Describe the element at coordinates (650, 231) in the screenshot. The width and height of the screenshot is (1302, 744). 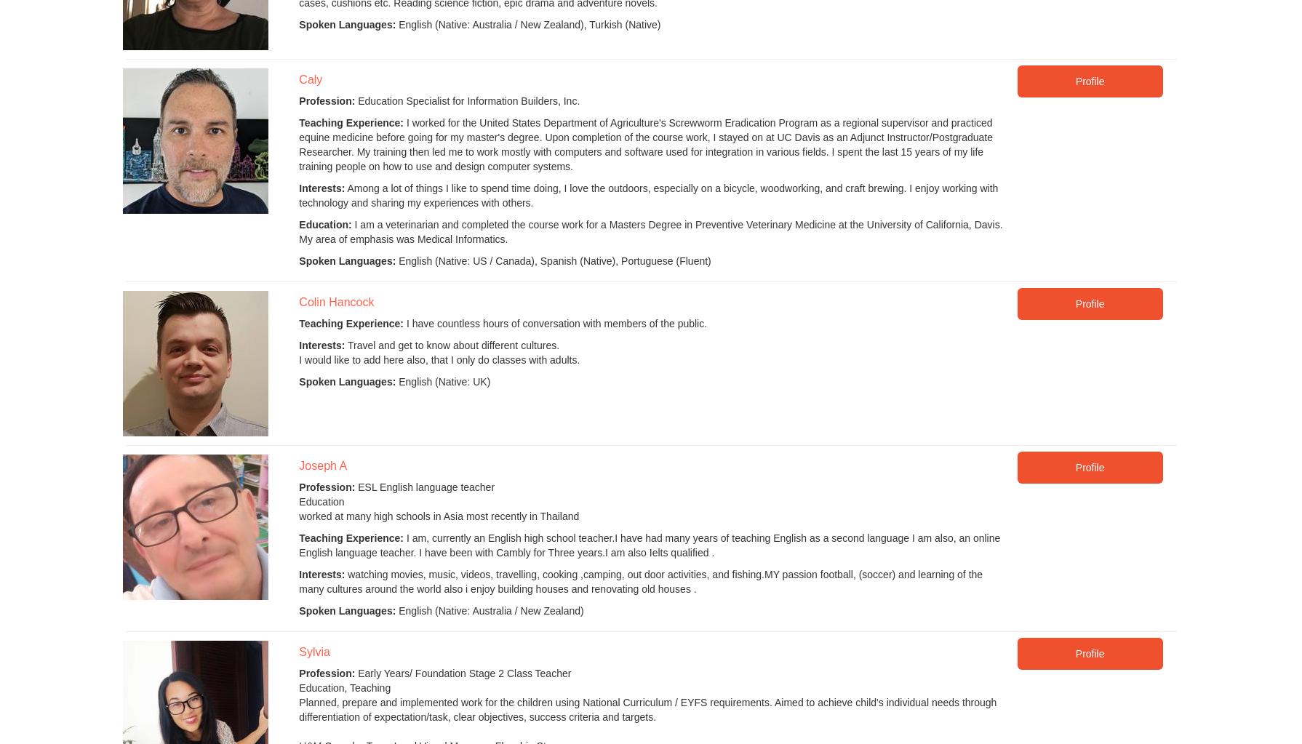
I see `'I am a veterinarian and completed the course work for a Masters Degree in Preventive Veterinary Medicine at the University of California, Davis. My area of emphasis was Medical Informatics.'` at that location.